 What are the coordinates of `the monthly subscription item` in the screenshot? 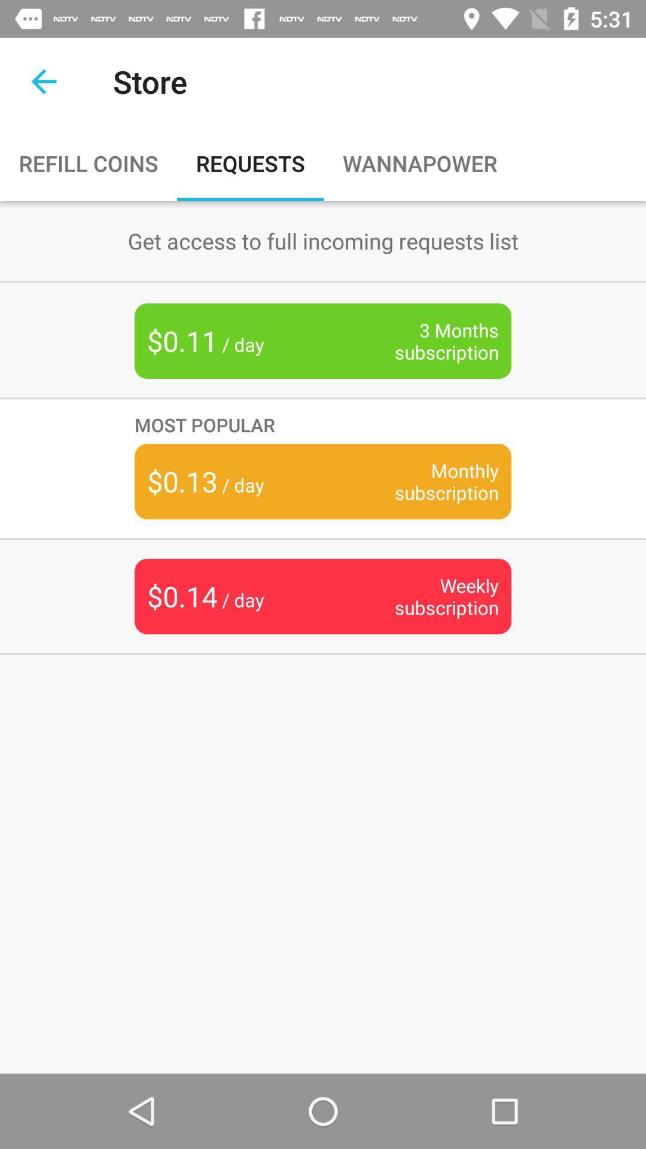 It's located at (428, 481).